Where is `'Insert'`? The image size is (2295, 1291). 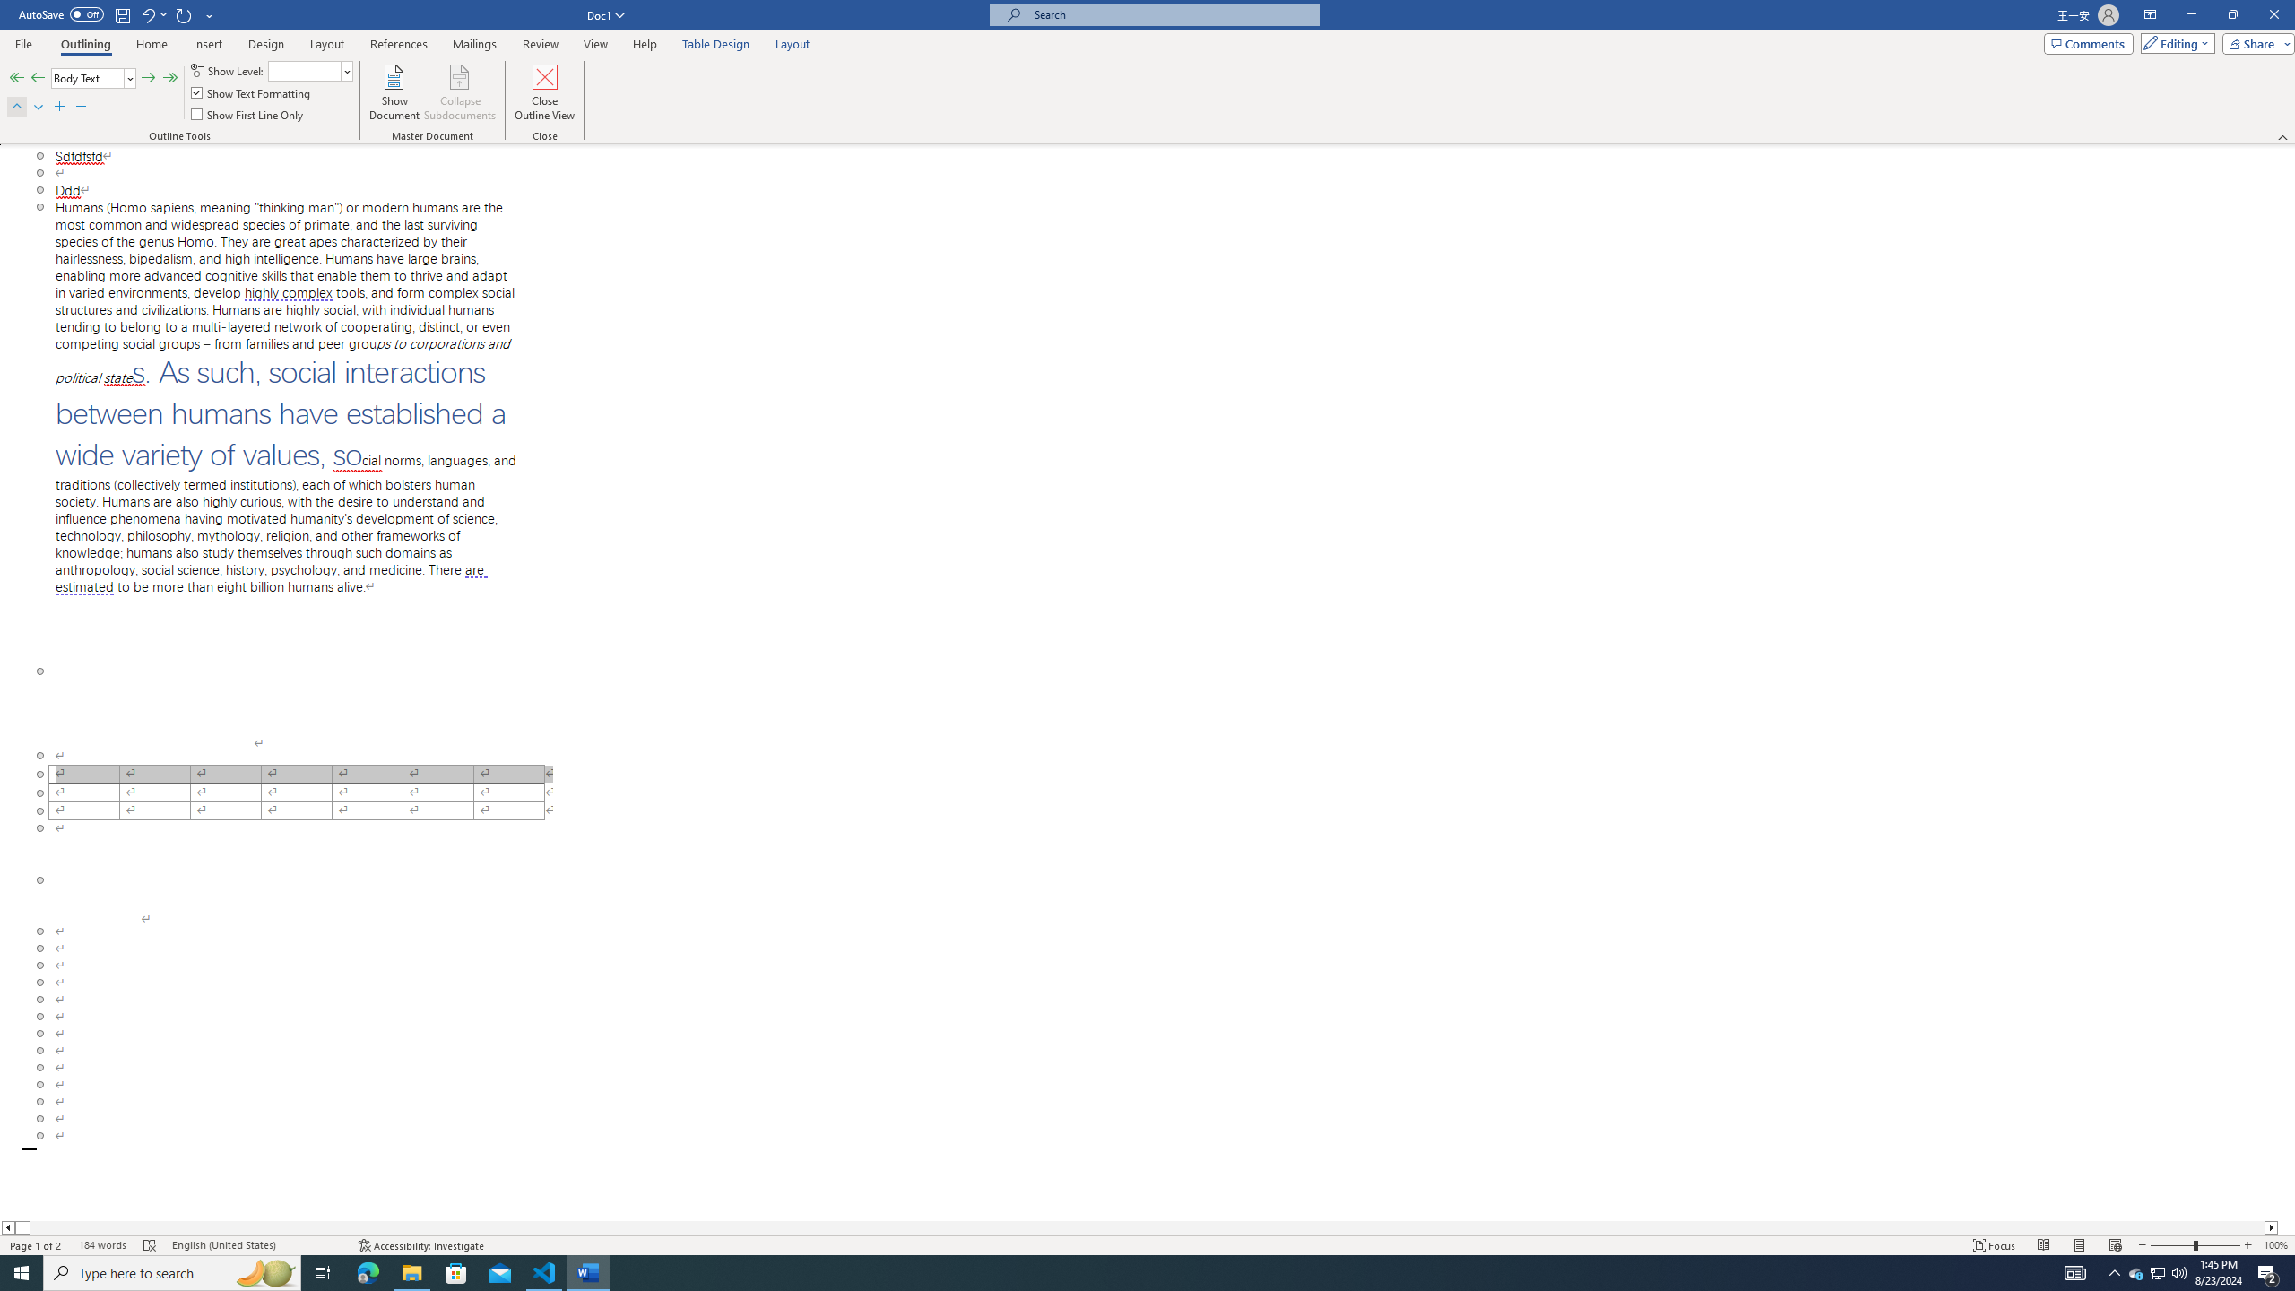
'Insert' is located at coordinates (208, 44).